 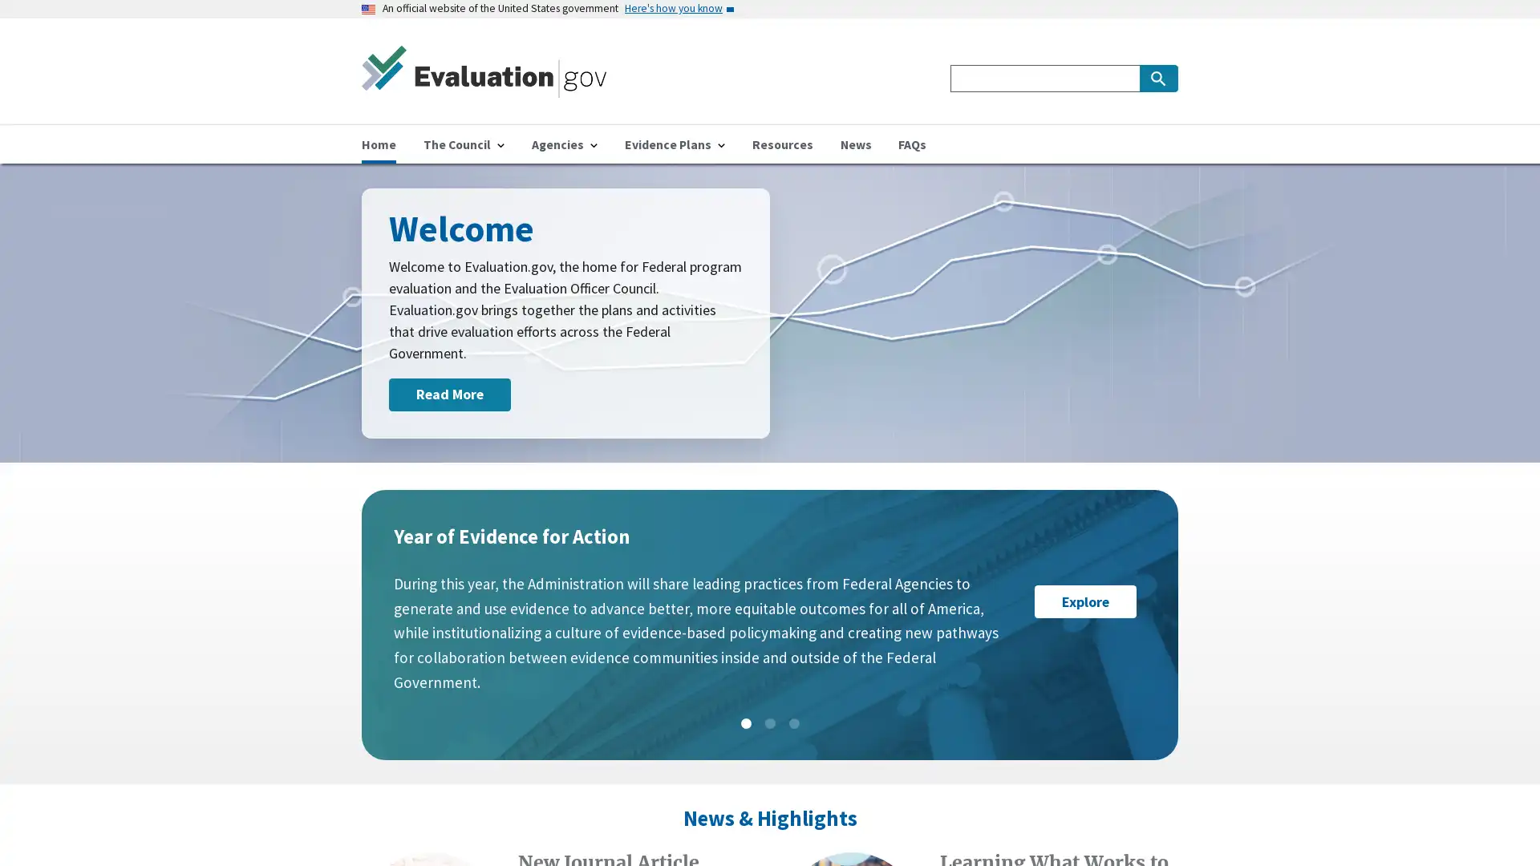 I want to click on Agencies, so click(x=564, y=144).